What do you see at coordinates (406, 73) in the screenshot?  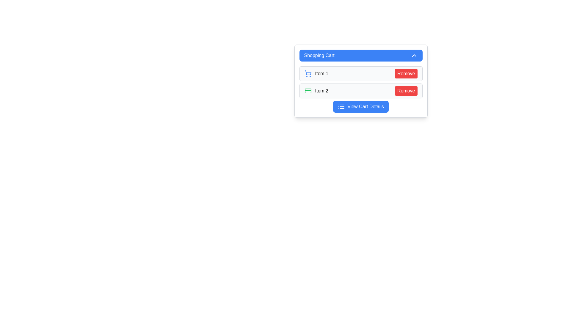 I see `the button that removes 'Item 1' from the shopping cart to observe the color change` at bounding box center [406, 73].